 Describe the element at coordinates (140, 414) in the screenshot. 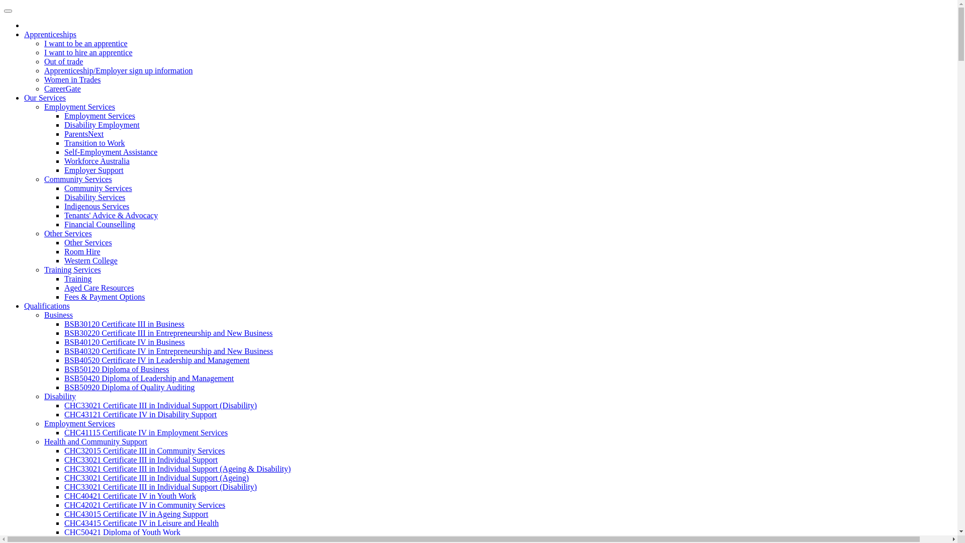

I see `'CHC43121 Certificate IV in Disability Support'` at that location.